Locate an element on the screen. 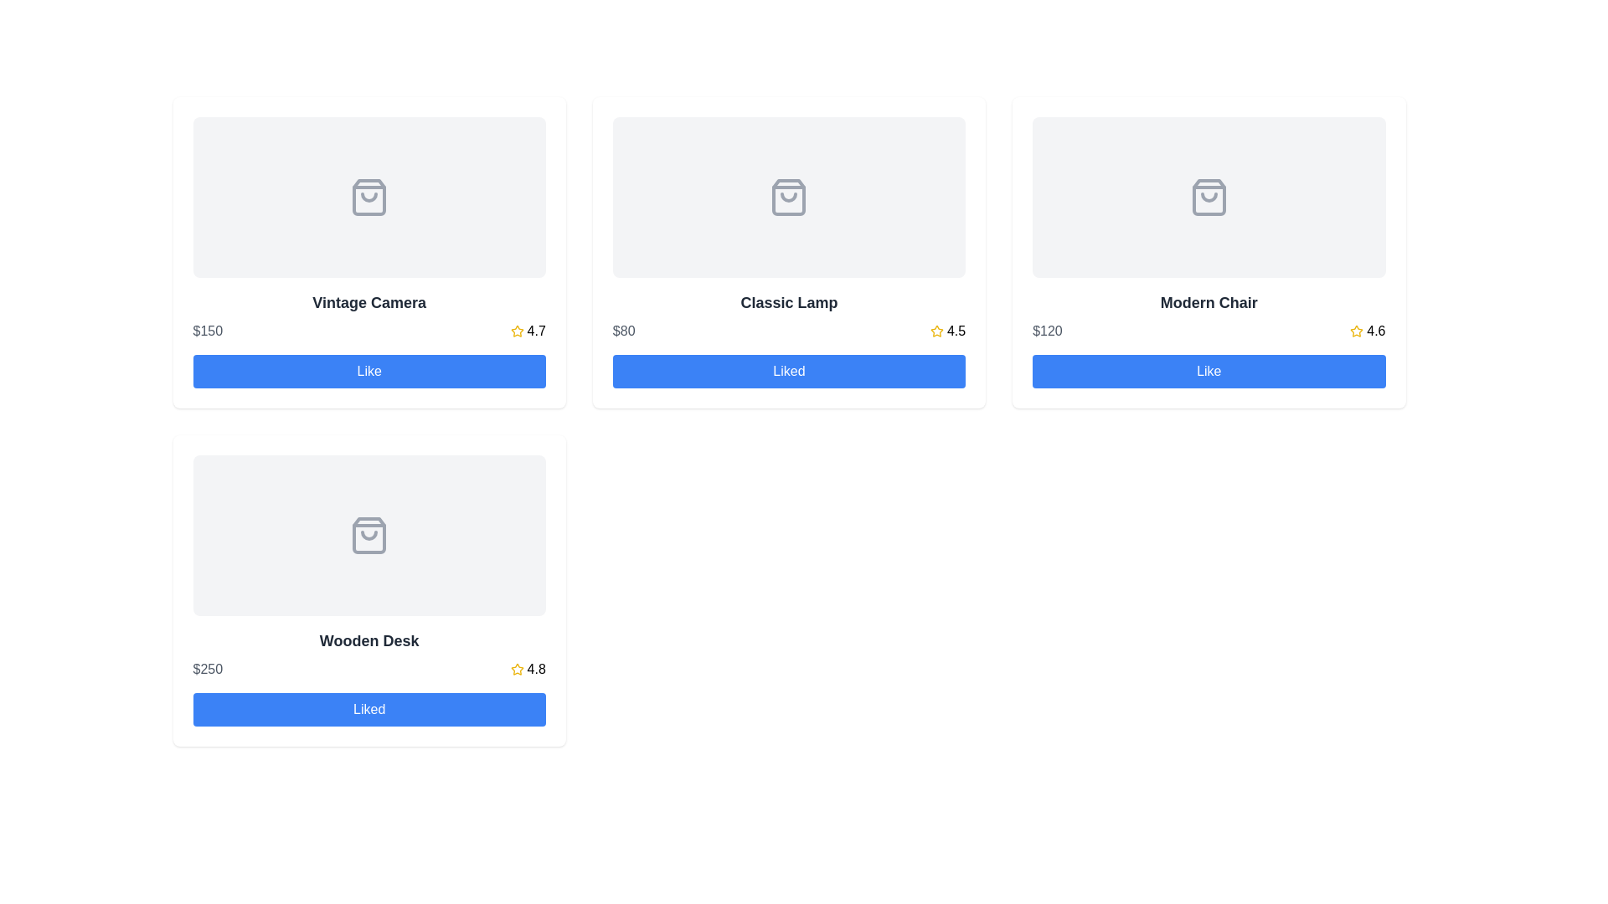  the 'Like' button with a vibrant blue background located at the bottom of the 'Modern Chair' product card to interact via keyboard is located at coordinates (1209, 370).